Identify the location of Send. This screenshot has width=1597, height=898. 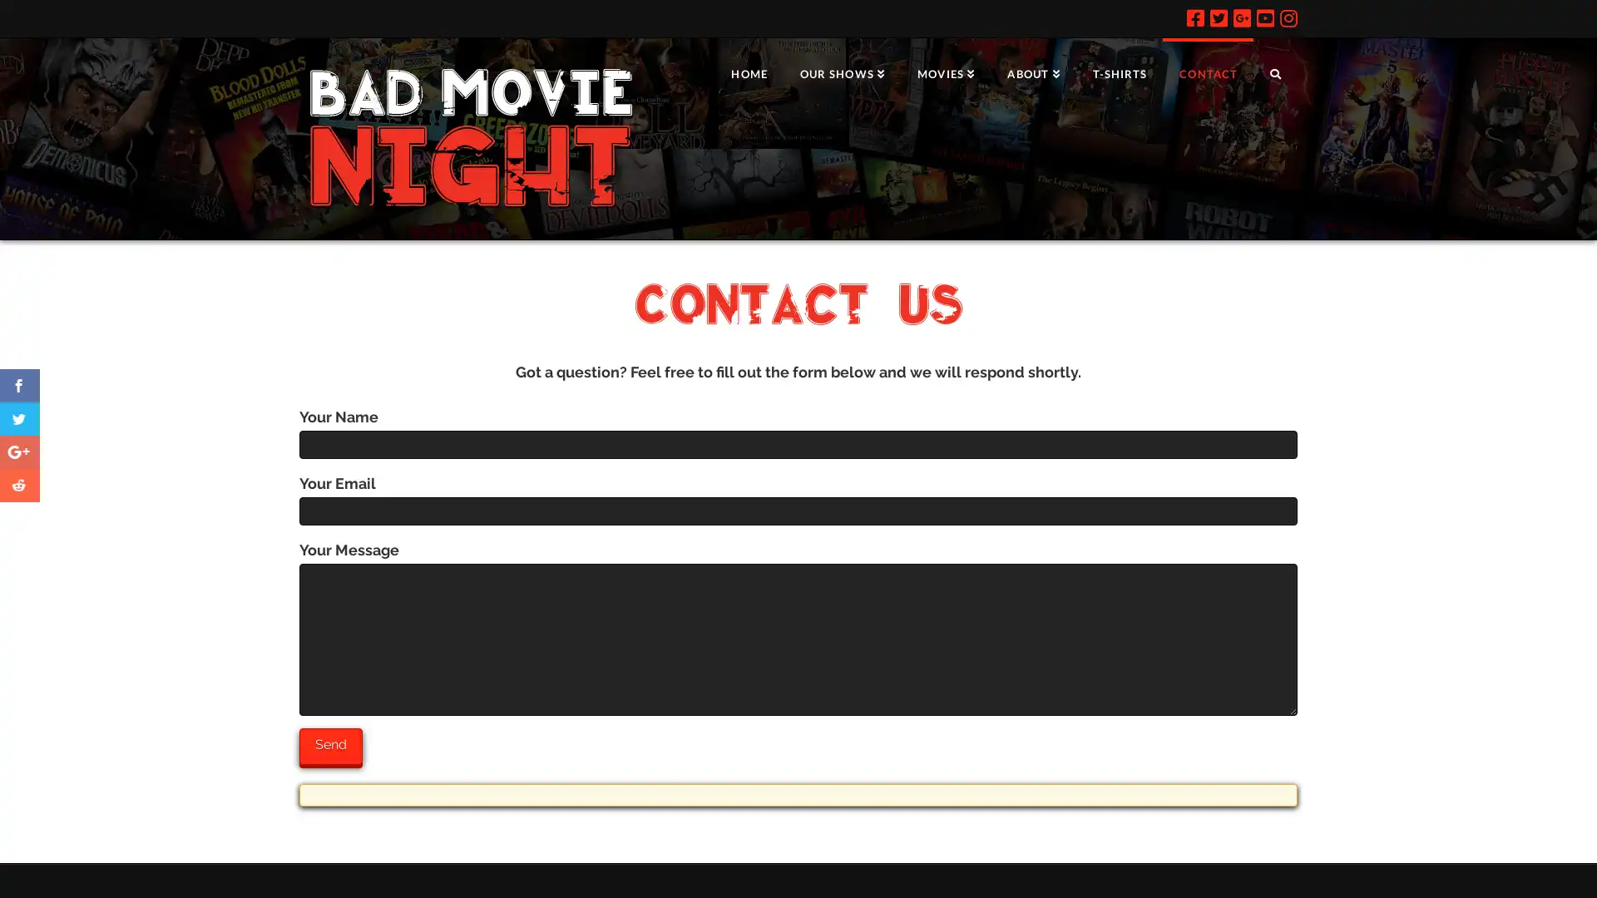
(331, 745).